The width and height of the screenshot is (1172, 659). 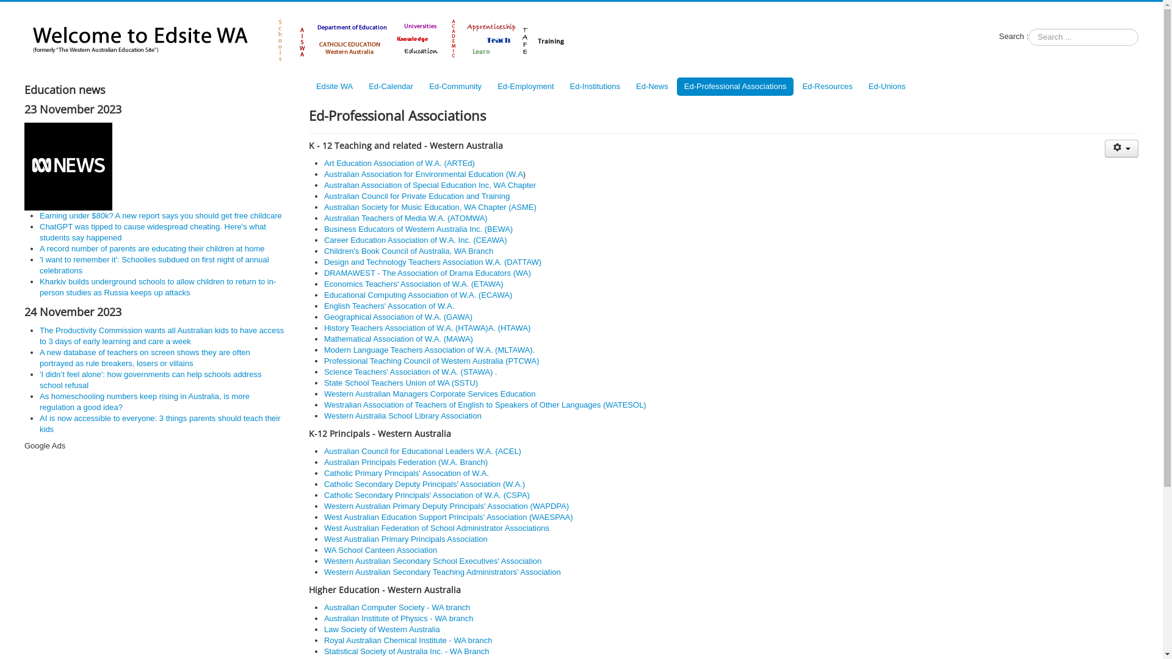 I want to click on 'Ed-Employment', so click(x=525, y=86).